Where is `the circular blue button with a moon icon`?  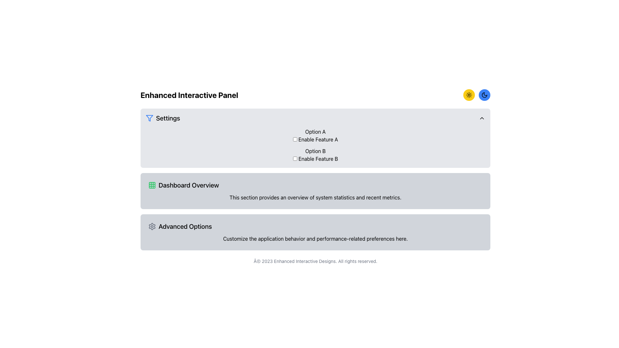
the circular blue button with a moon icon is located at coordinates (484, 95).